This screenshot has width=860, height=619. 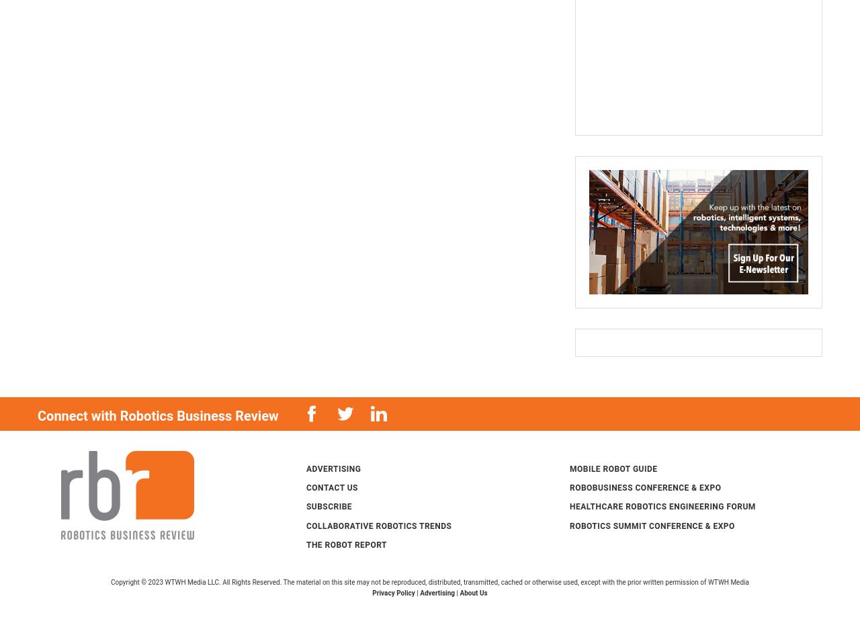 I want to click on 'Privacy Policy', so click(x=392, y=591).